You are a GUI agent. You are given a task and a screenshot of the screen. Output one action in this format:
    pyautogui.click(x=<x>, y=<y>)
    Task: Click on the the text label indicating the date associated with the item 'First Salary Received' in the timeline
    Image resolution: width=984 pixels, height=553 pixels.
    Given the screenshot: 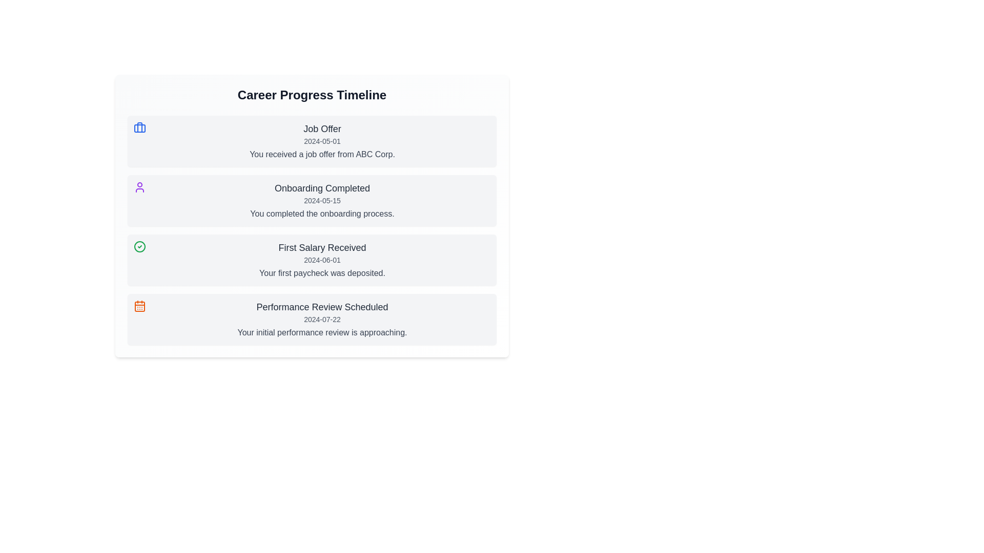 What is the action you would take?
    pyautogui.click(x=321, y=260)
    